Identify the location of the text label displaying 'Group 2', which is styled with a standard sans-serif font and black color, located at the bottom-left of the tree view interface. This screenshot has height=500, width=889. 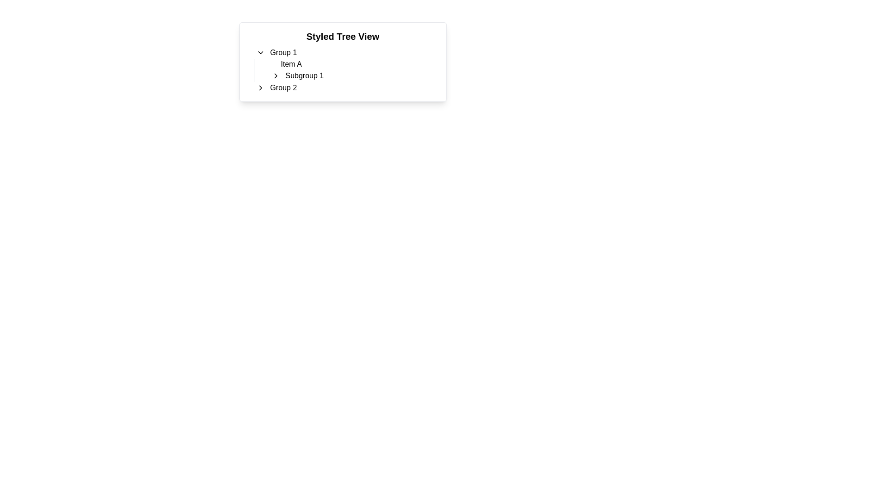
(283, 87).